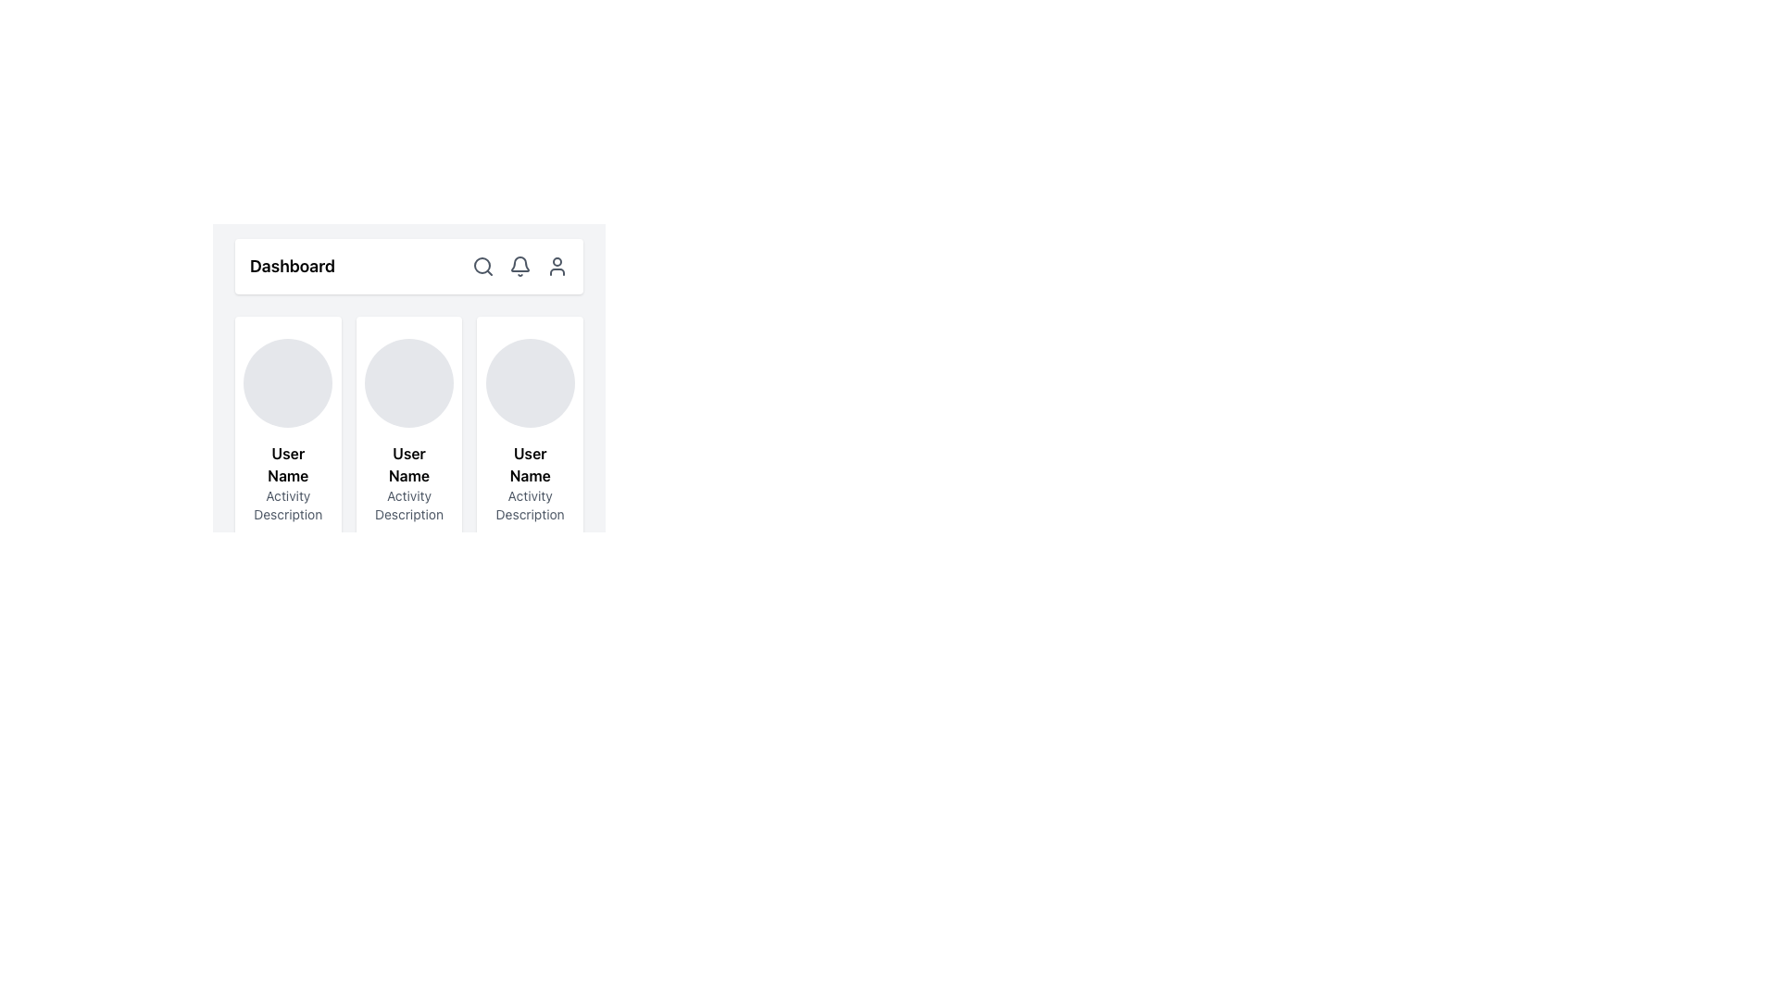 This screenshot has width=1778, height=1000. What do you see at coordinates (407, 506) in the screenshot?
I see `the descriptive text label located below the 'User Name' label within the centralized card in the middle of the page` at bounding box center [407, 506].